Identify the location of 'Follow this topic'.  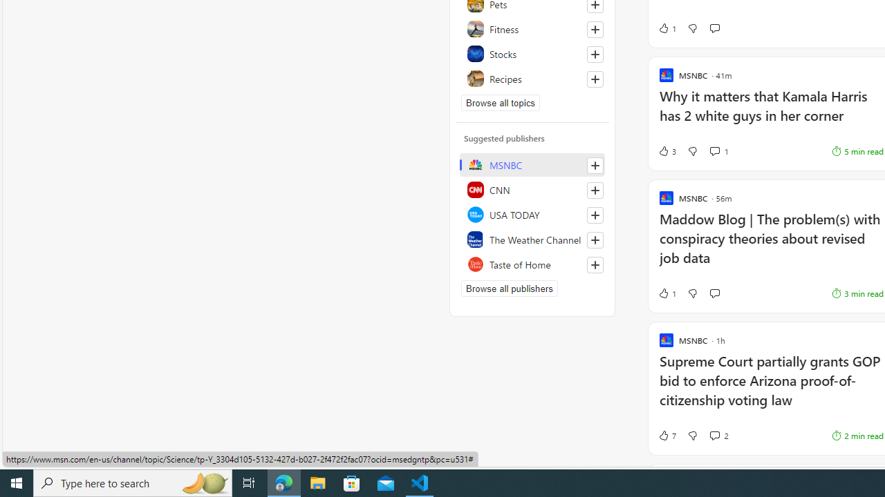
(595, 79).